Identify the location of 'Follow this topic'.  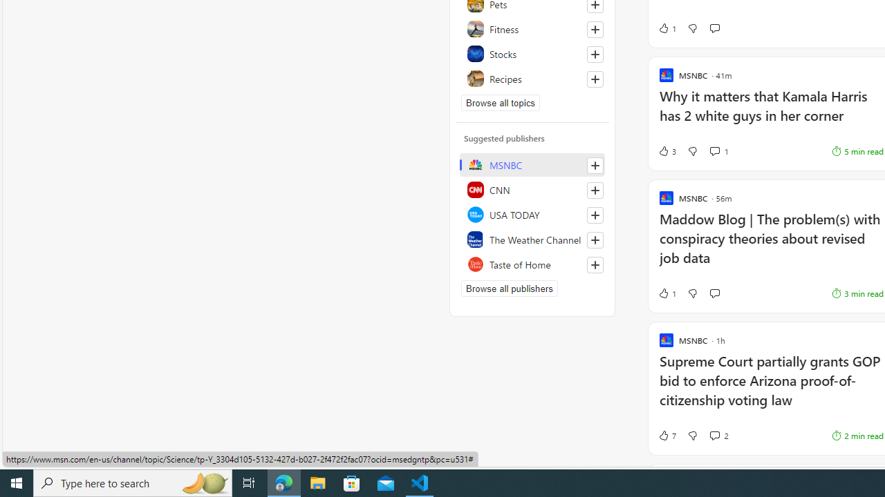
(595, 79).